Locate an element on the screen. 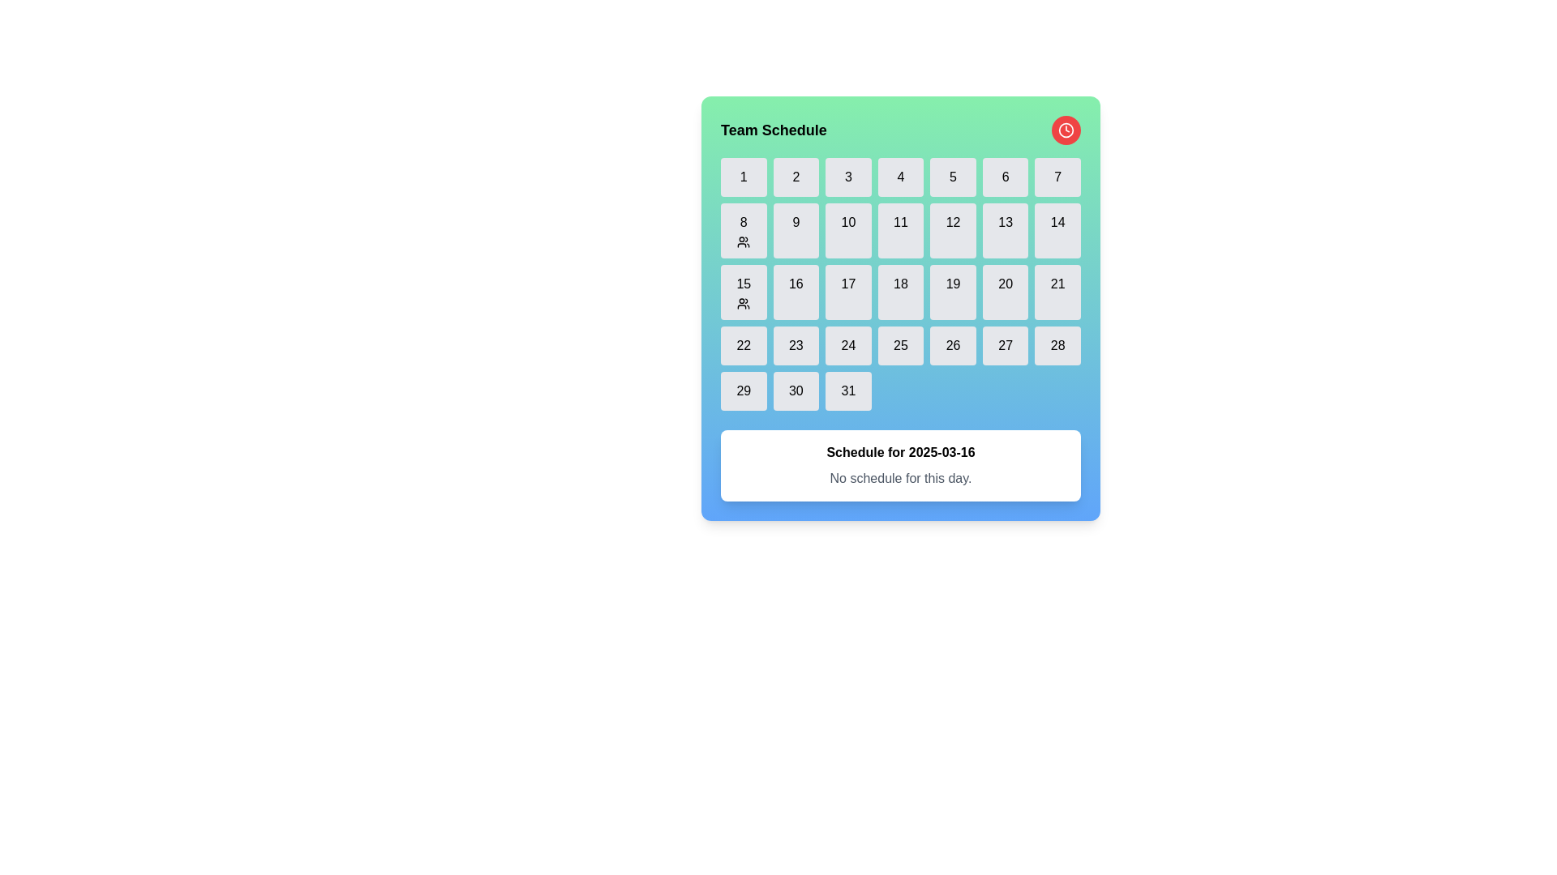 Image resolution: width=1557 pixels, height=875 pixels. the Textual Number Label displaying the number '11', which is styled in bold black font and is centrally aligned within a light gray rounded rectangular button in the calendar interface is located at coordinates (899, 222).